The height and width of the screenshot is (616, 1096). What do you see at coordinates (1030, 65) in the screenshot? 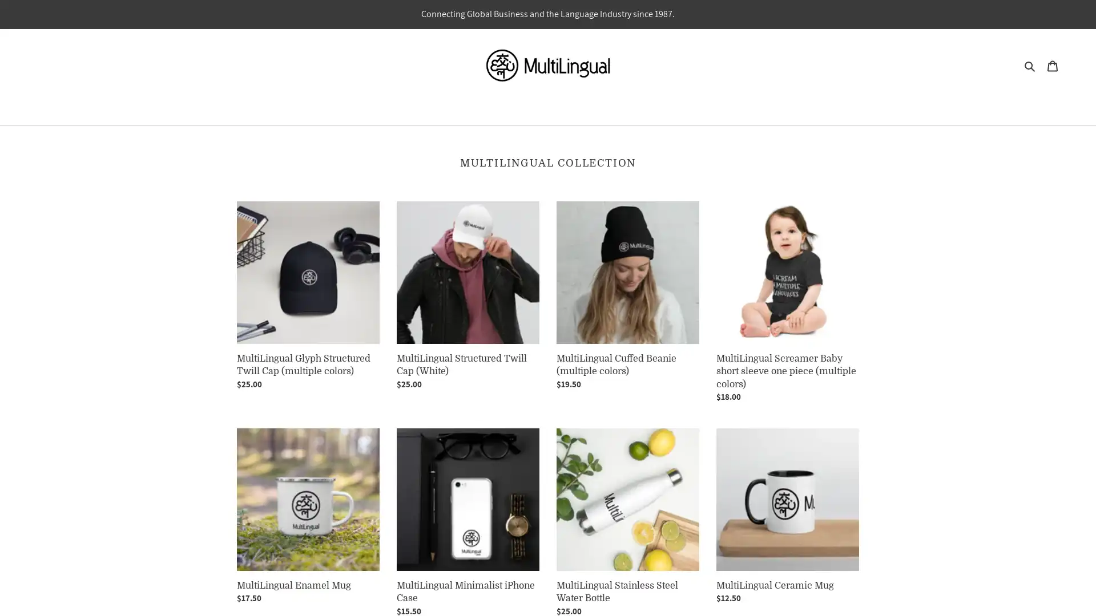
I see `Search` at bounding box center [1030, 65].